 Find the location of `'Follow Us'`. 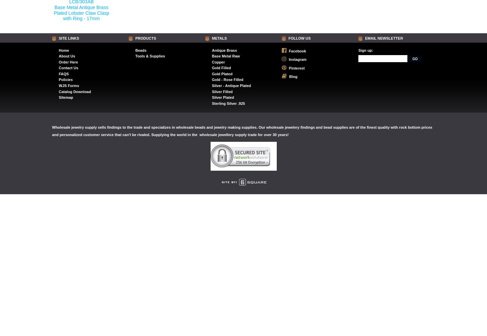

'Follow Us' is located at coordinates (299, 38).